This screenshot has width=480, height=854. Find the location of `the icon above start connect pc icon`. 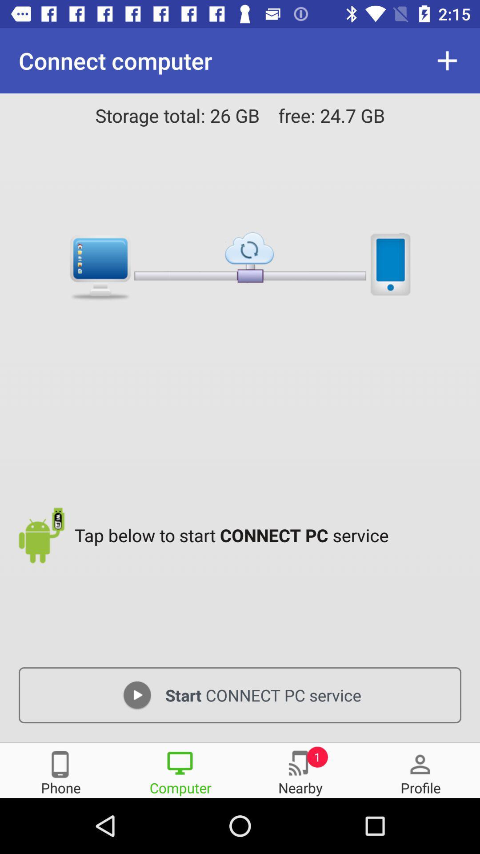

the icon above start connect pc icon is located at coordinates (270, 535).